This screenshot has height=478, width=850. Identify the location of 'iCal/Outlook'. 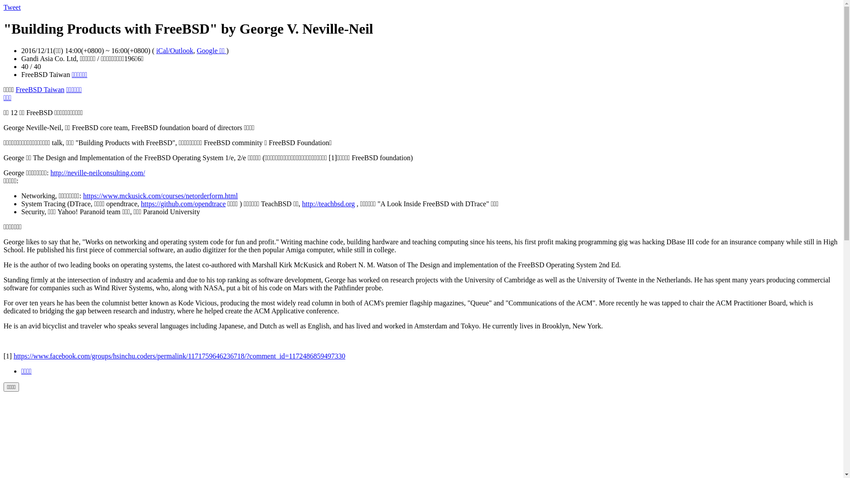
(156, 50).